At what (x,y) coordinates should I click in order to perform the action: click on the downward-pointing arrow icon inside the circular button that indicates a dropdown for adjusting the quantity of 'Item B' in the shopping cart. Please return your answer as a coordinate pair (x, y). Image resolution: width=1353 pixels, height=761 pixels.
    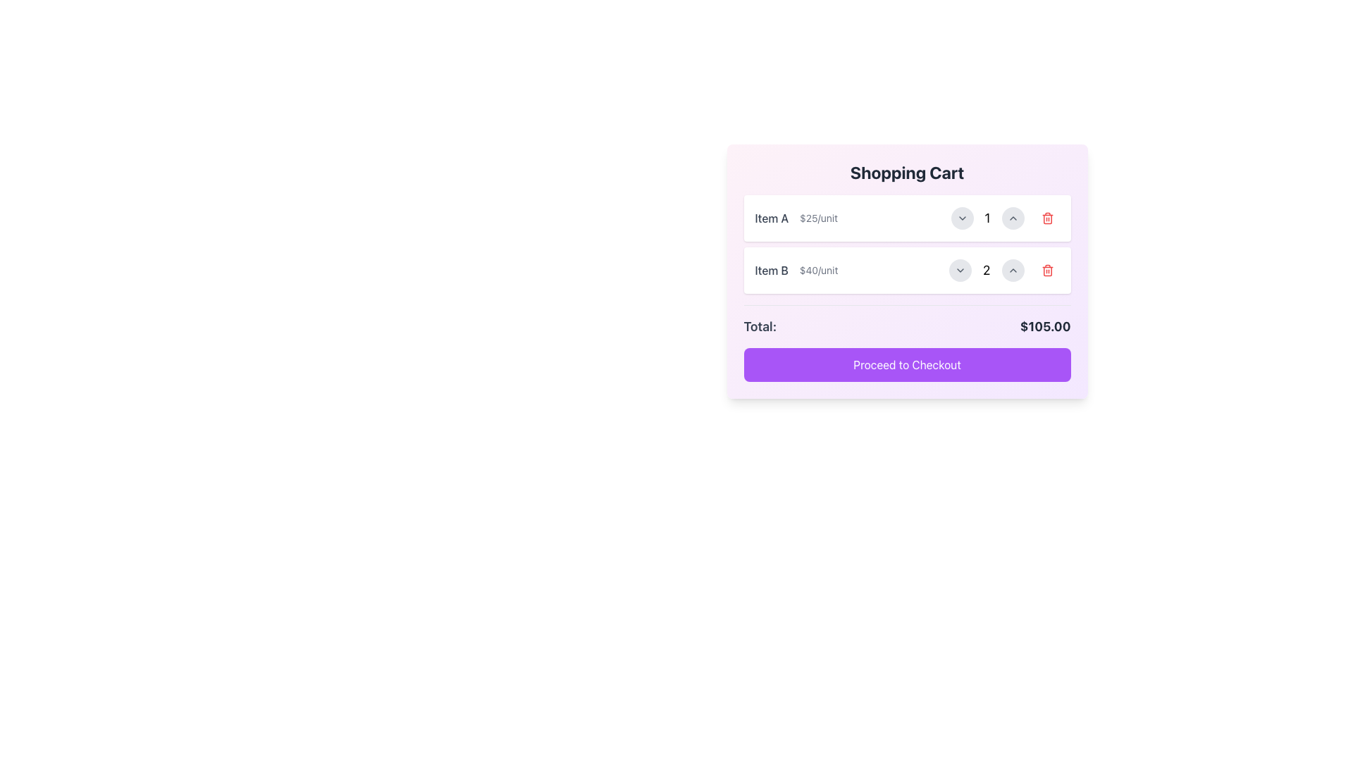
    Looking at the image, I should click on (960, 271).